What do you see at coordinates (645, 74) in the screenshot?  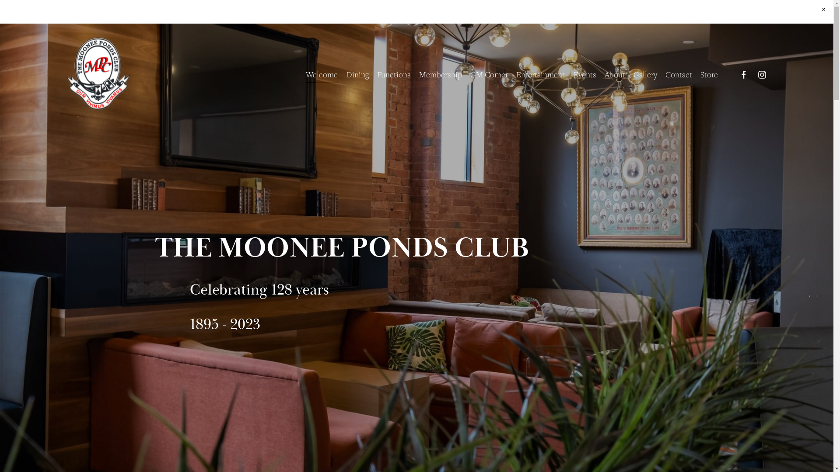 I see `'Gallery'` at bounding box center [645, 74].